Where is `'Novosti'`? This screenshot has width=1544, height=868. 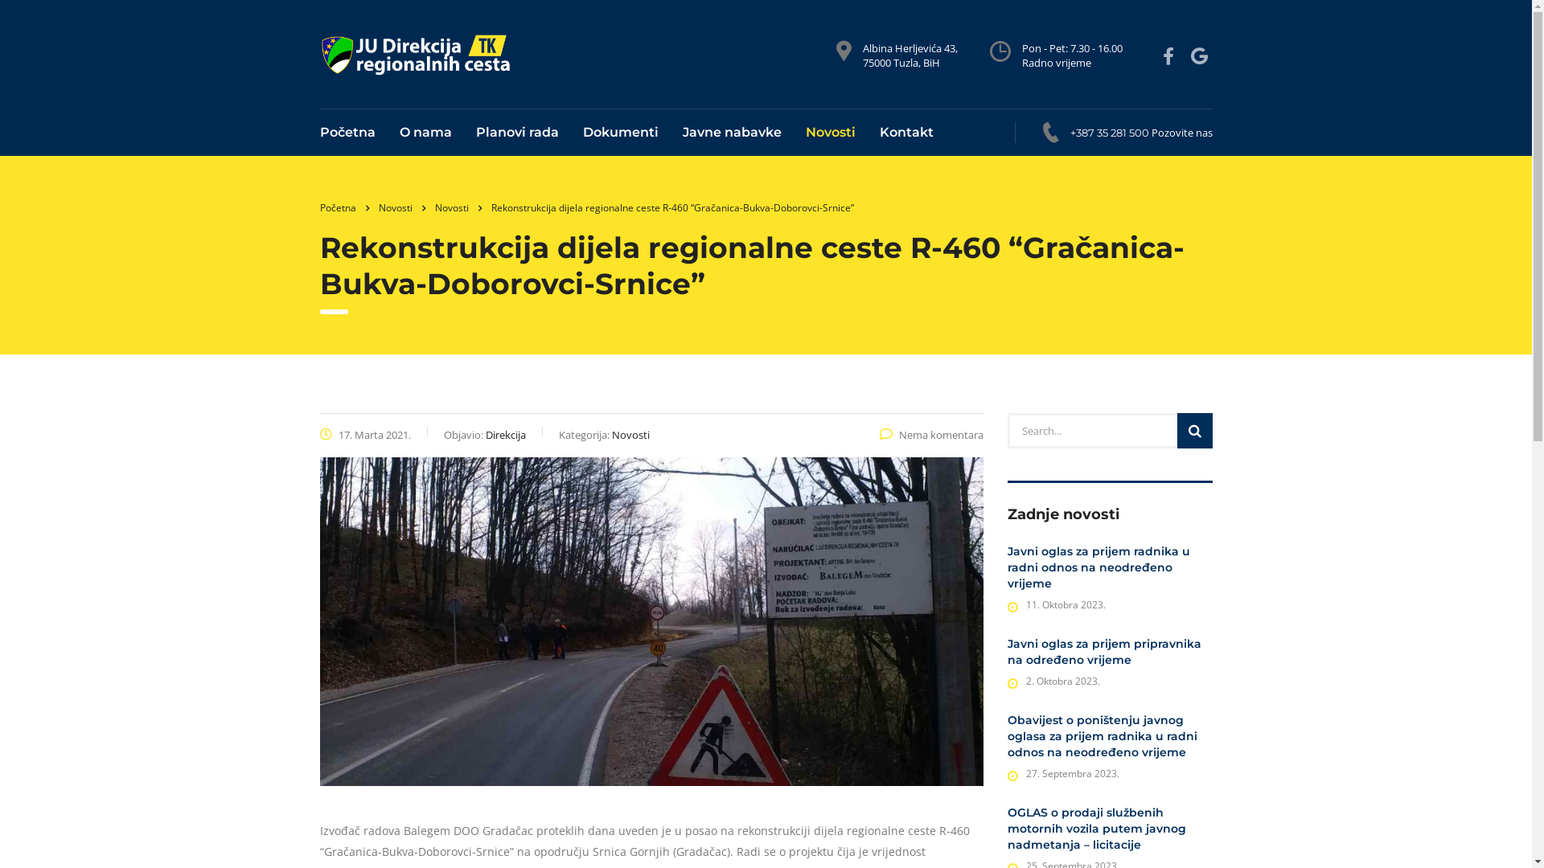
'Novosti' is located at coordinates (433, 207).